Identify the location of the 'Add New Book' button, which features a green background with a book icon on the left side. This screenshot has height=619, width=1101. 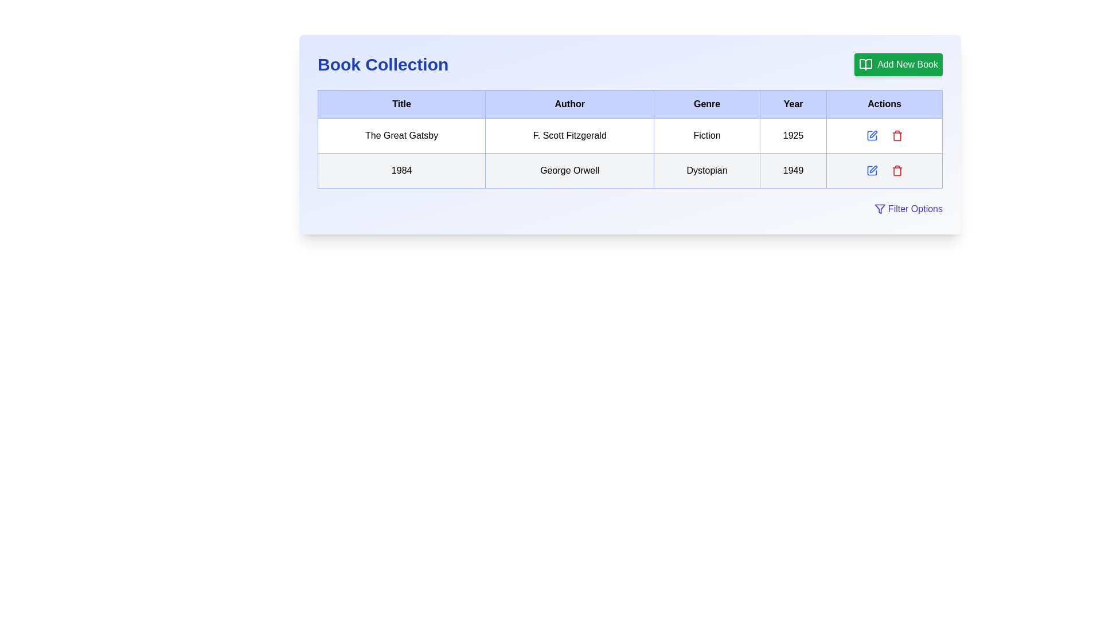
(866, 64).